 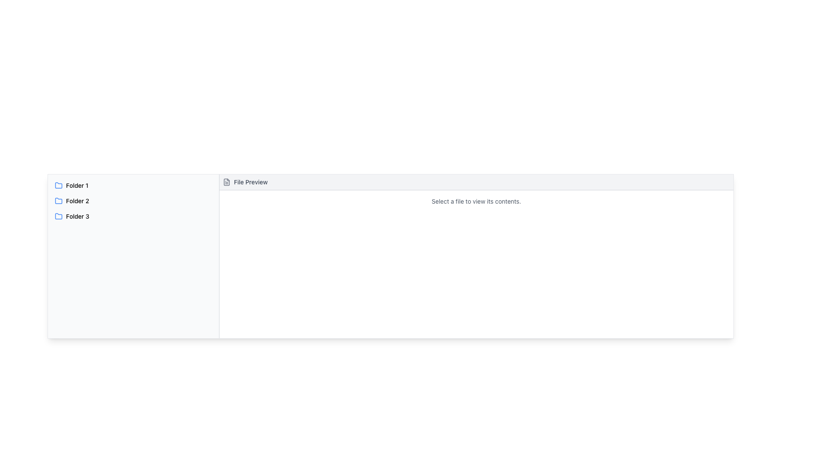 I want to click on the blue minimalist folder icon located to the left of the text 'Folder 2' in the second folder entry of the list, so click(x=58, y=201).